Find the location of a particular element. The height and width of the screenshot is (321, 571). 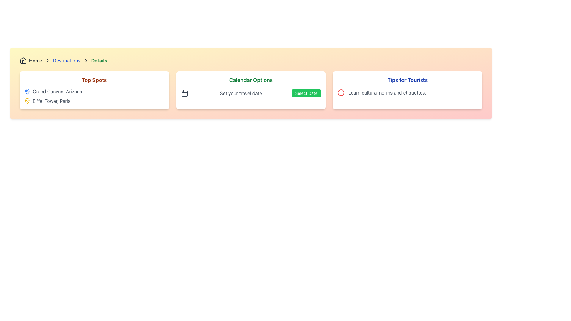

text instruction 'Set your travel date.' from the Calendar Options panel that contains a calendar icon and a green button labeled 'Select Date' is located at coordinates (251, 93).